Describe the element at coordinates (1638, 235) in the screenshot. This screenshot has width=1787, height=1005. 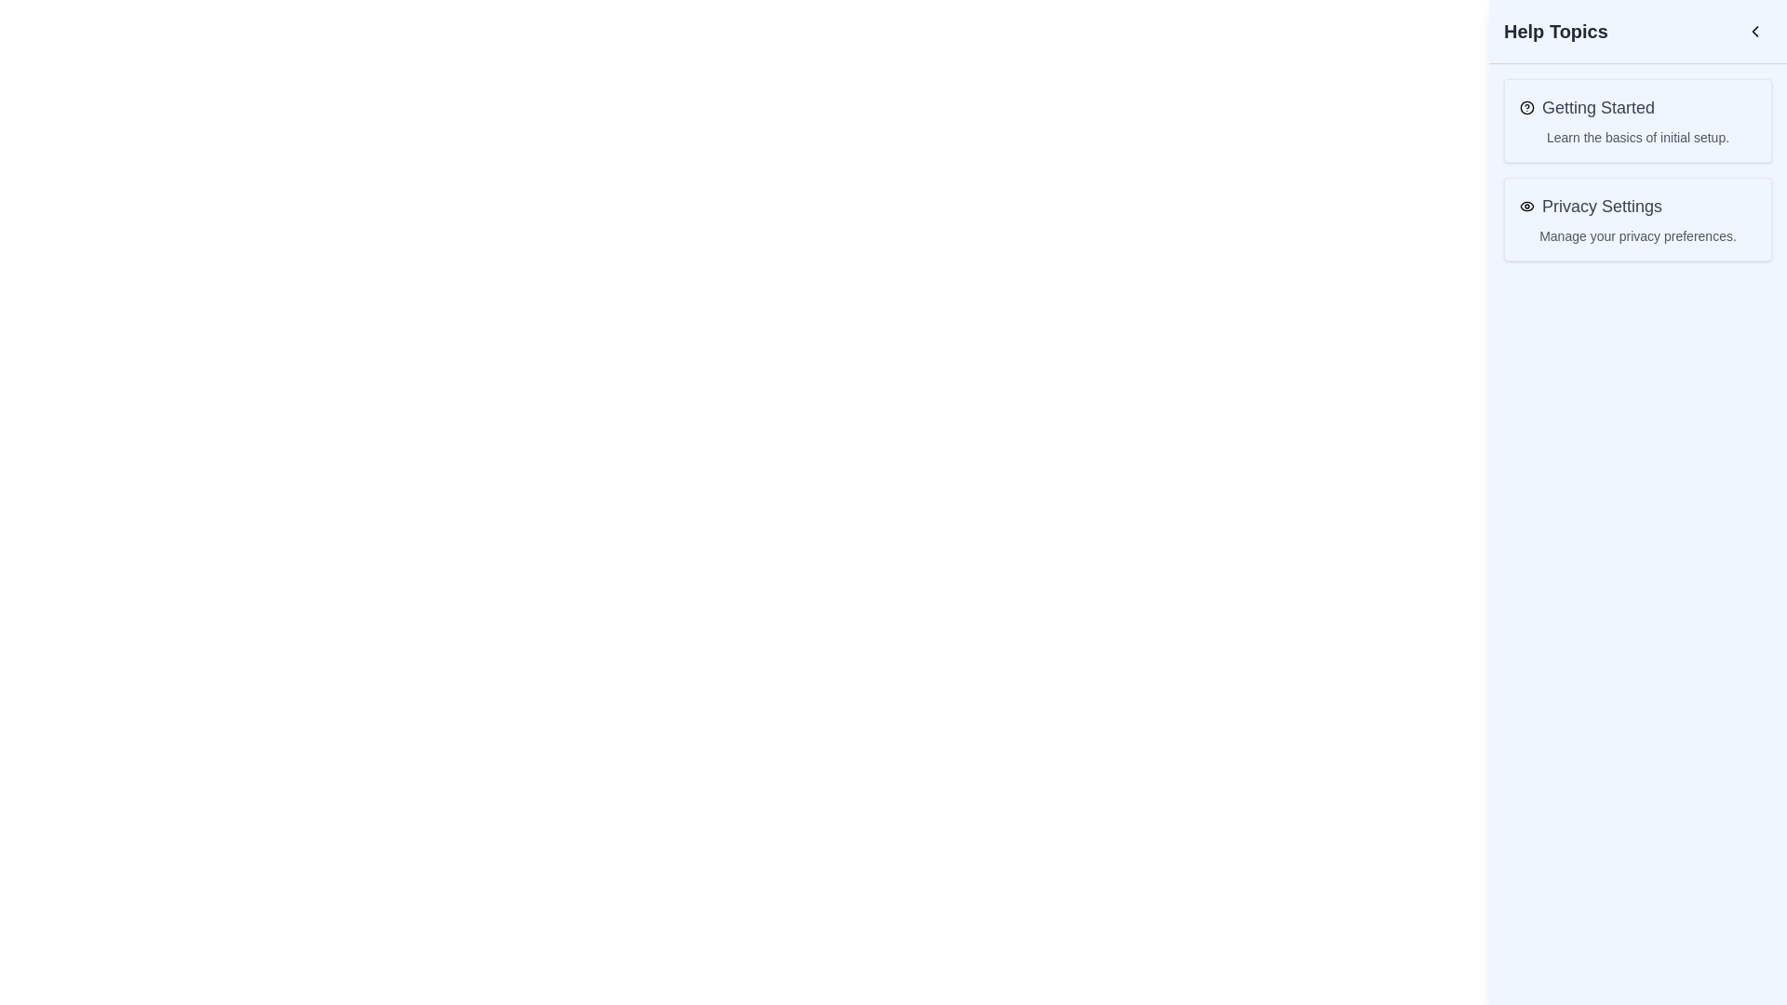
I see `the text block that reads 'Manage your privacy preferences.' which is located beneath the 'Privacy Settings' heading` at that location.